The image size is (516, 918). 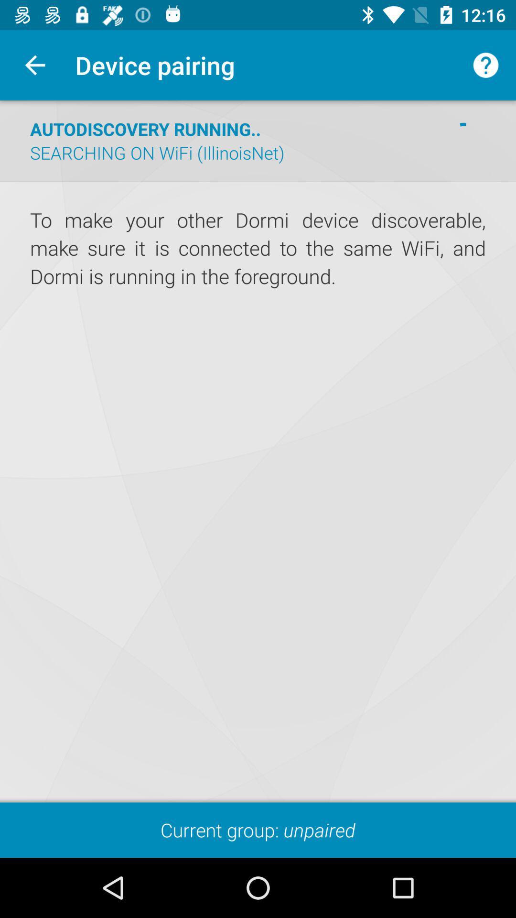 What do you see at coordinates (145, 128) in the screenshot?
I see `icon above searching on wifi icon` at bounding box center [145, 128].